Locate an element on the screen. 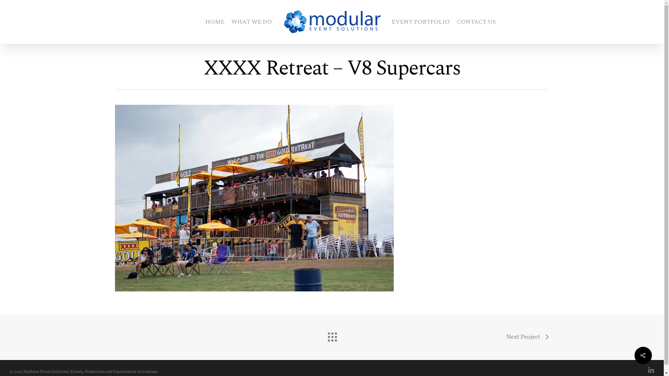 This screenshot has width=669, height=376. 'CONTACT US' is located at coordinates (476, 21).